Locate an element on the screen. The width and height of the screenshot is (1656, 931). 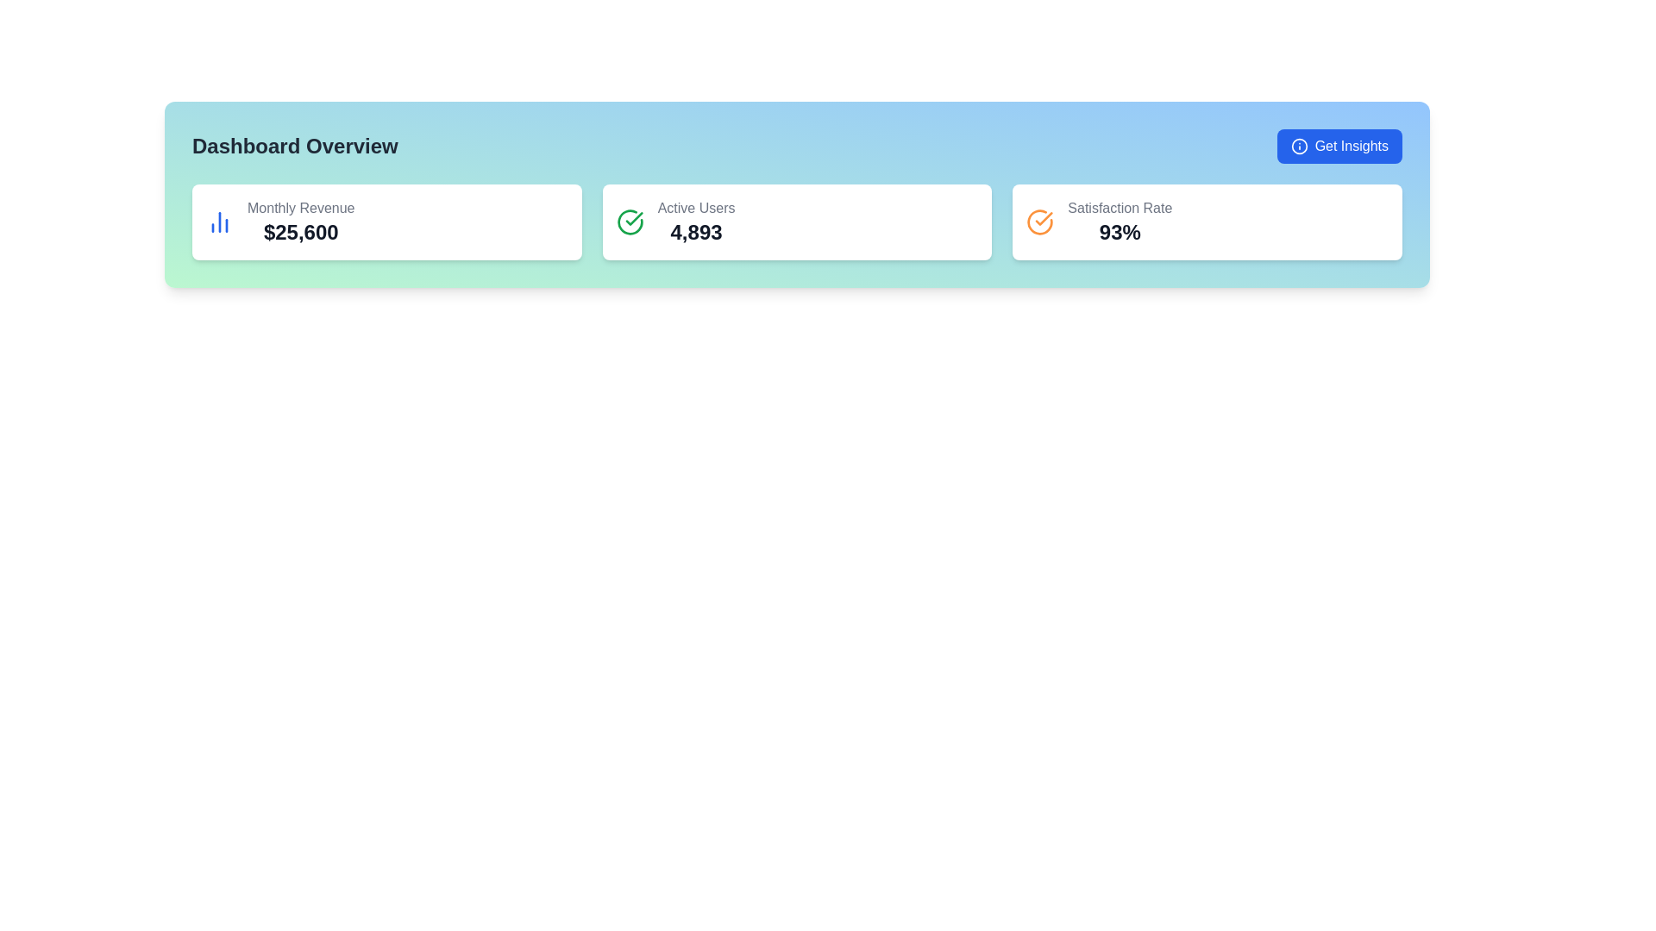
the Graphic Icon associated with the 'Monthly Revenue' information, which is located to the left of the title 'Monthly Revenue' and the number '$25,600' is located at coordinates (218, 222).